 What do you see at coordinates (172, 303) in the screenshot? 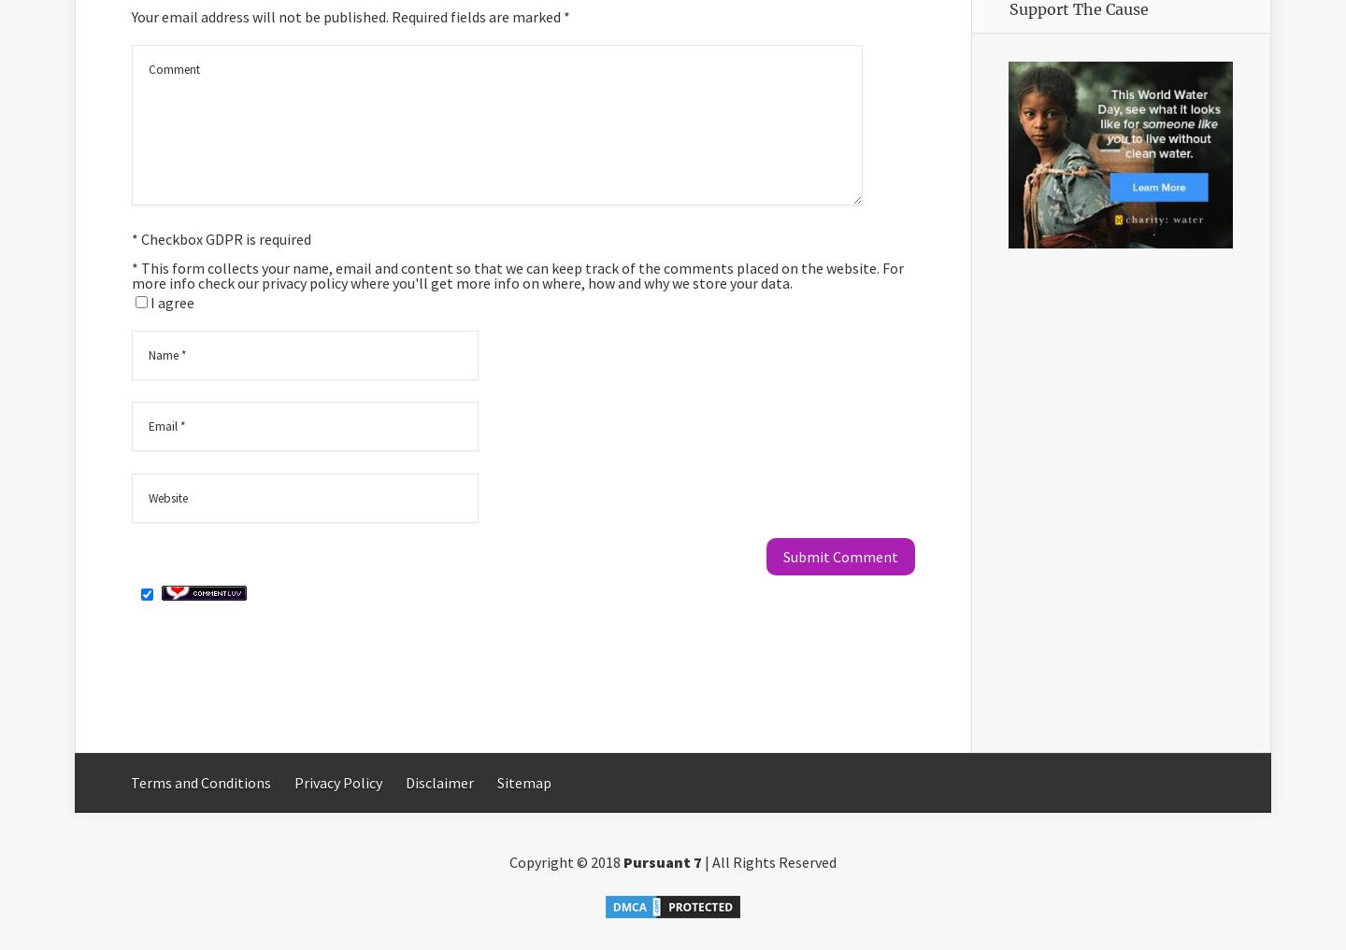
I see `'I agree'` at bounding box center [172, 303].